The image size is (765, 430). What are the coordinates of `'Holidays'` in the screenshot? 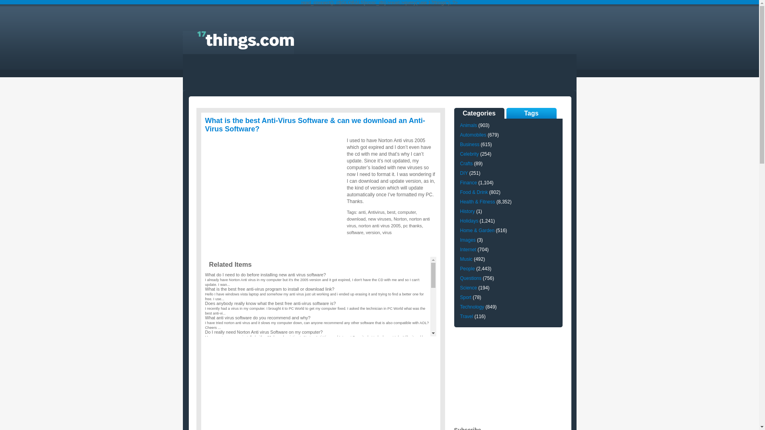 It's located at (469, 221).